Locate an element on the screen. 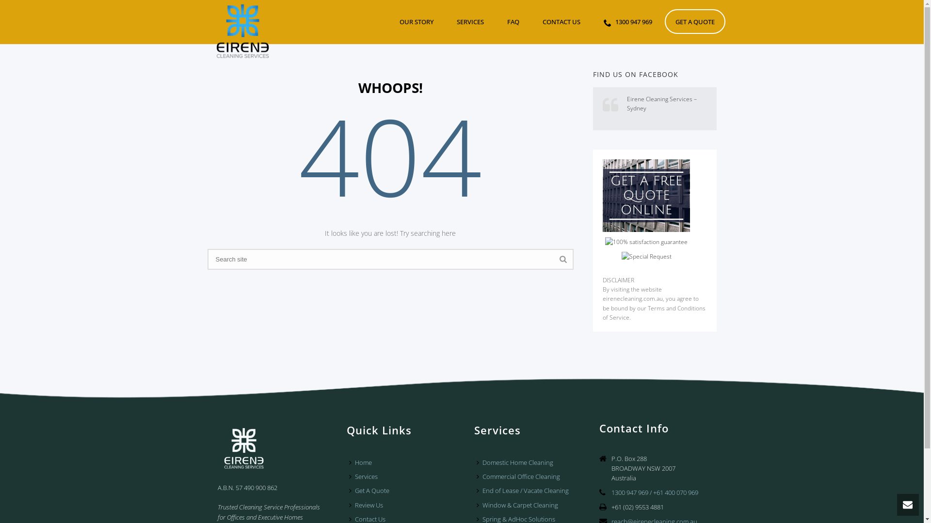  'Commercial Office Cleaning' is located at coordinates (520, 476).